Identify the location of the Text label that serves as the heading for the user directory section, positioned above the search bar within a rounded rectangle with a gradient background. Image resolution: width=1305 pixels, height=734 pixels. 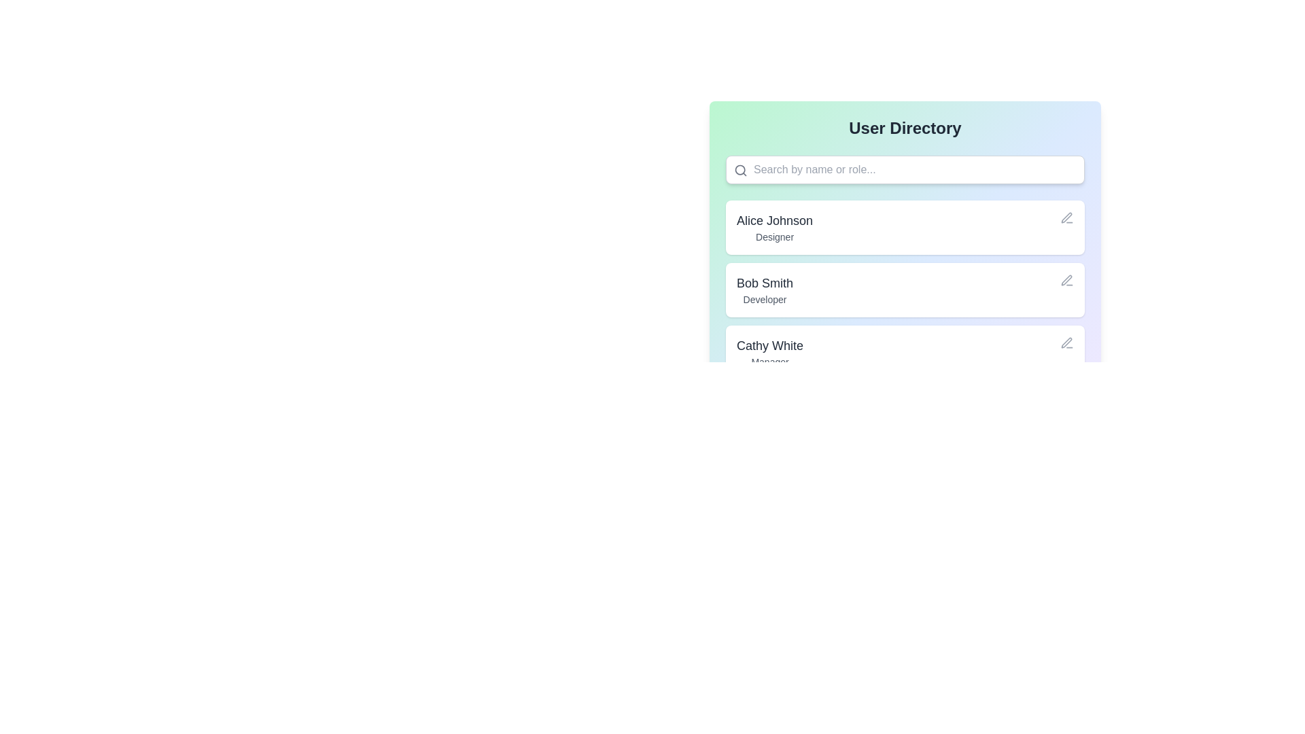
(905, 128).